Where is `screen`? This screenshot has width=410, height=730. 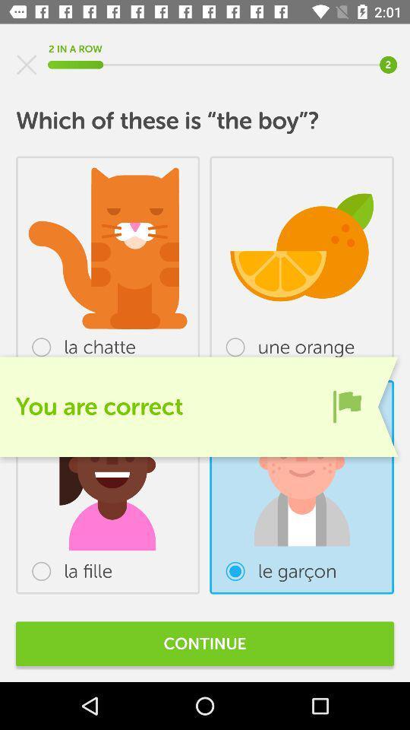 screen is located at coordinates (27, 65).